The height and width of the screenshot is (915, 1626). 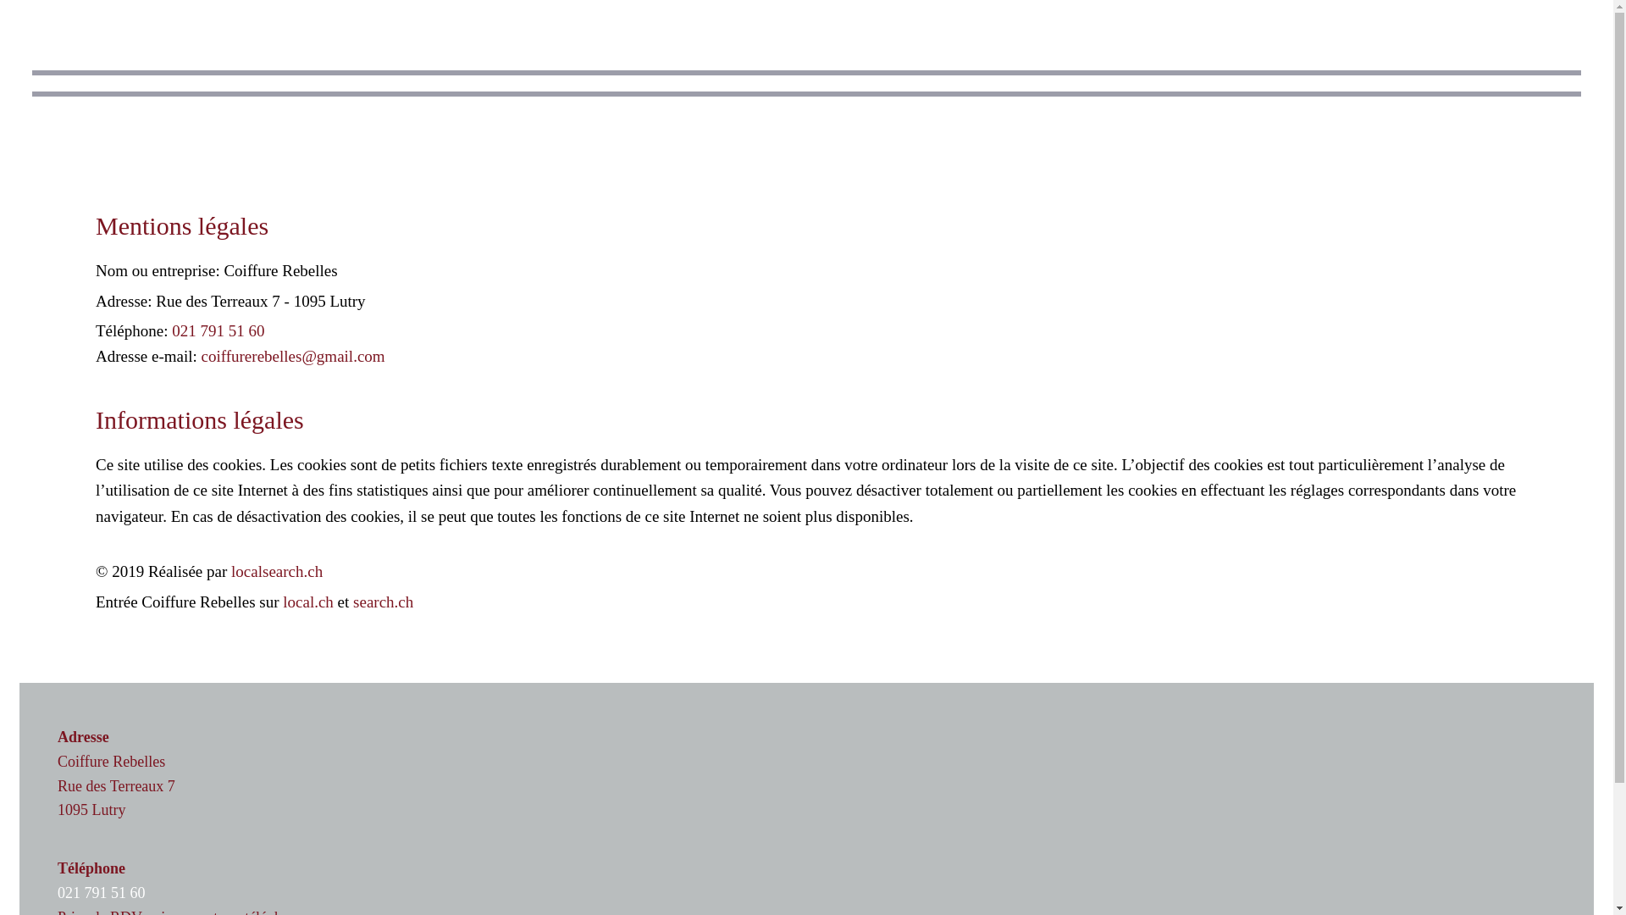 I want to click on 'search.ch', so click(x=382, y=601).